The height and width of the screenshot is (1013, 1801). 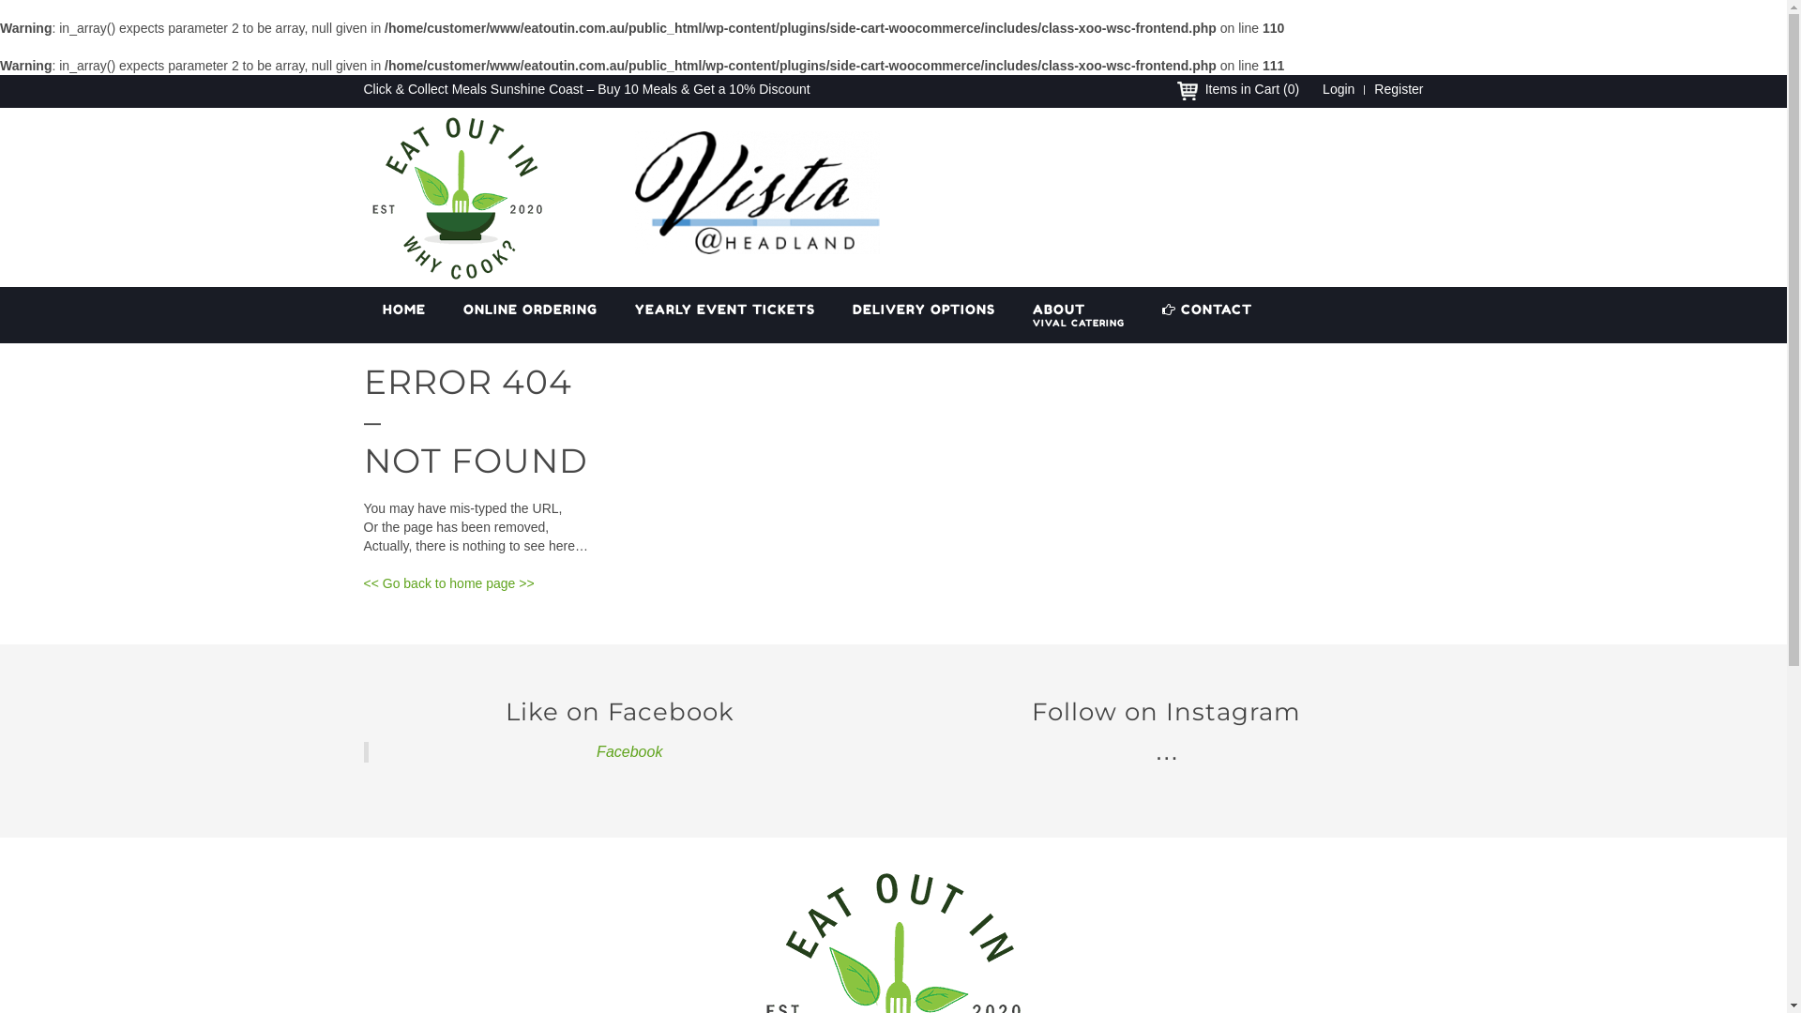 I want to click on 'Items in Cart (0)', so click(x=1251, y=89).